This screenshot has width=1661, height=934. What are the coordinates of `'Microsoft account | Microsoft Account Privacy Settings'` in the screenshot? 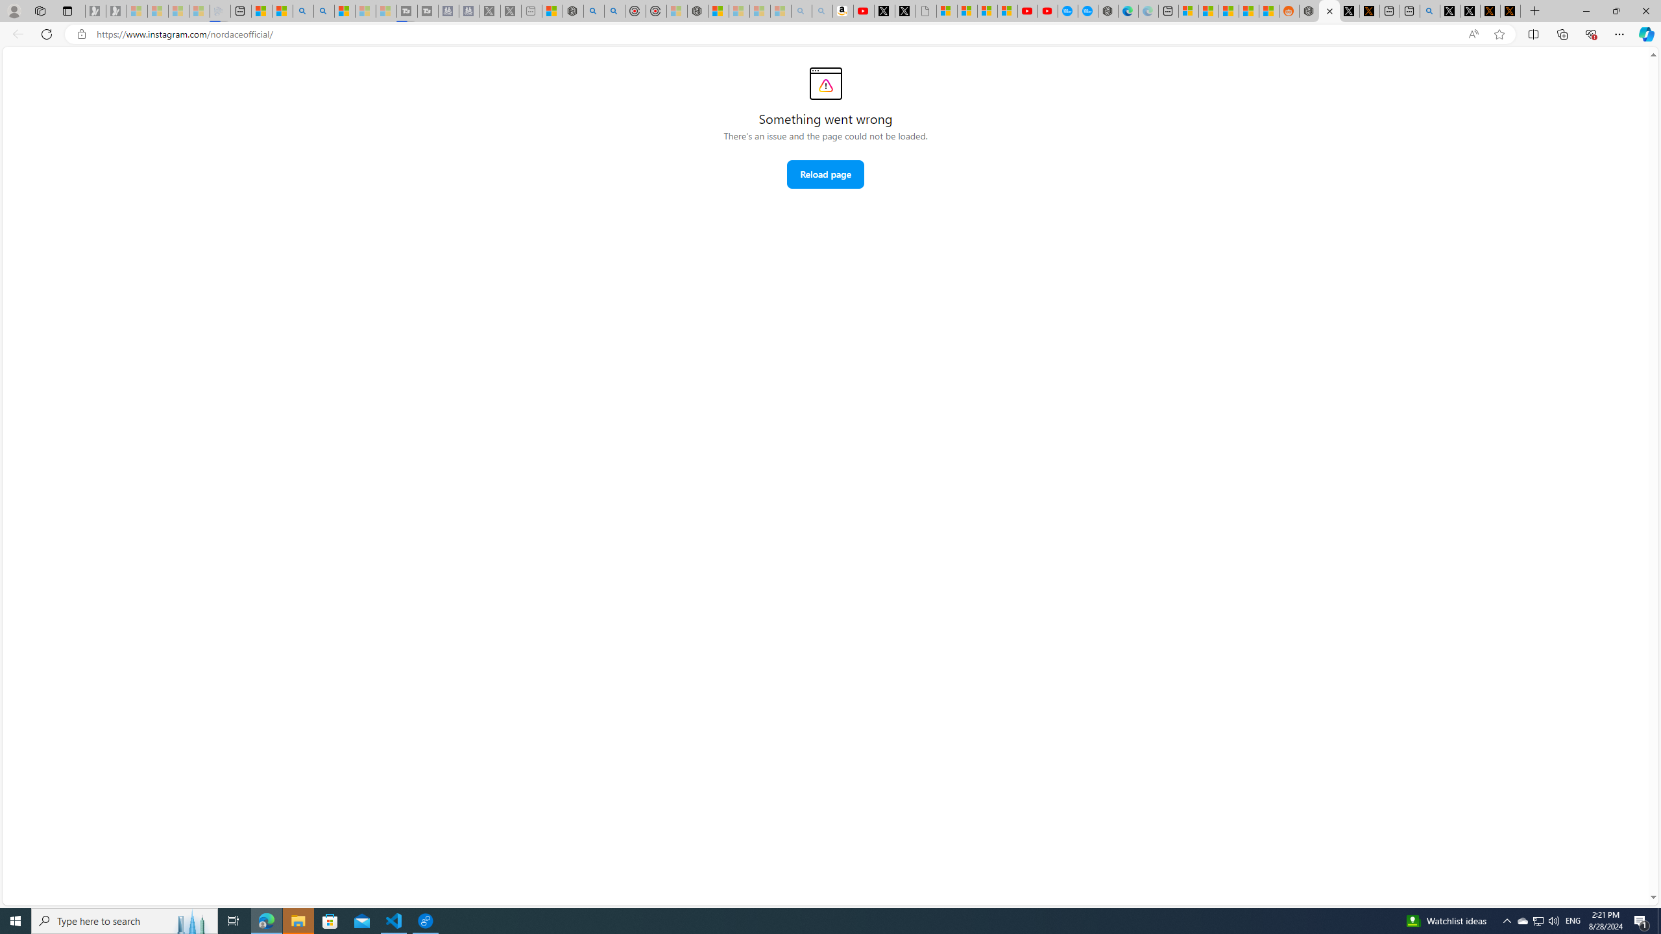 It's located at (1187, 10).